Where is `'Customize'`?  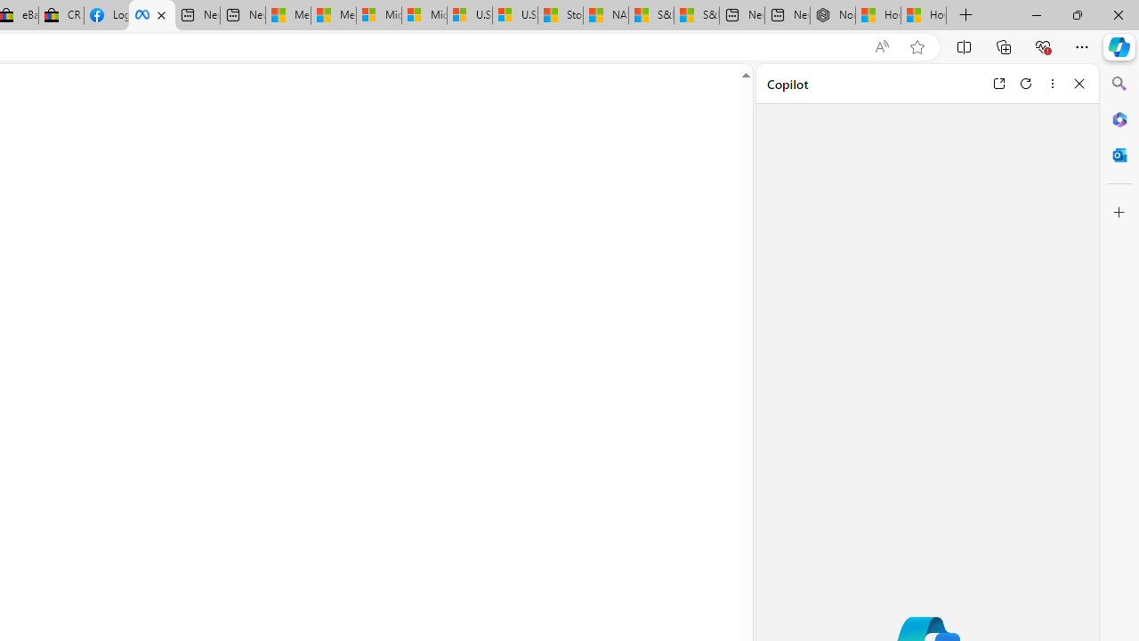 'Customize' is located at coordinates (1119, 212).